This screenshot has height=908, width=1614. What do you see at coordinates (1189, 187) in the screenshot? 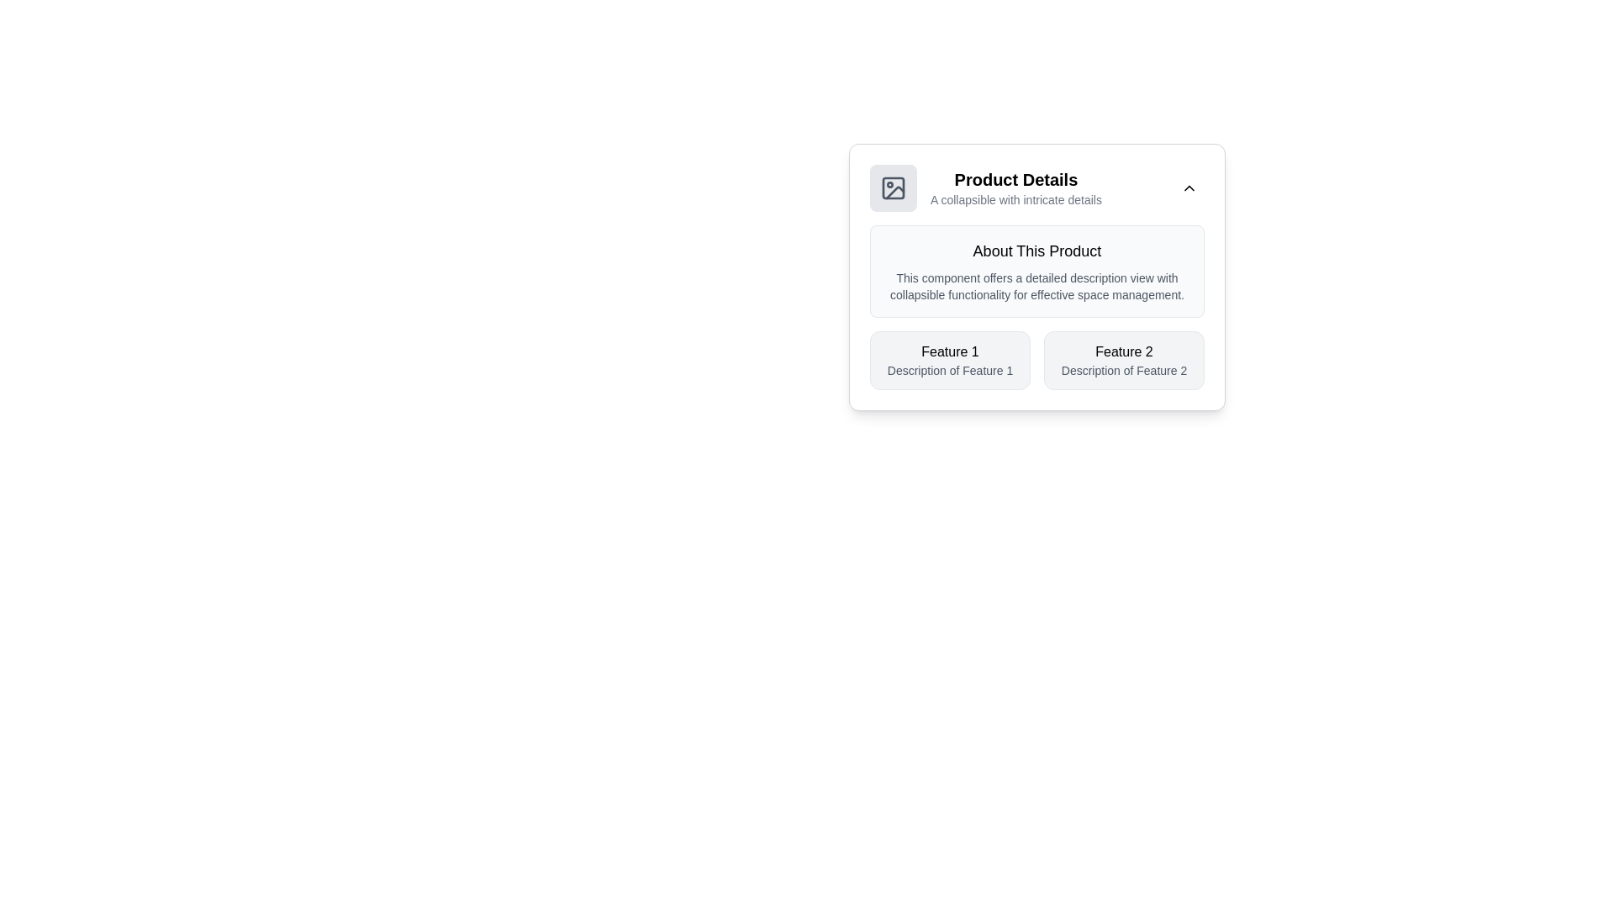
I see `the collapsible toggle button with an upside-down chevron icon located to the right of the 'Product Details' header` at bounding box center [1189, 187].